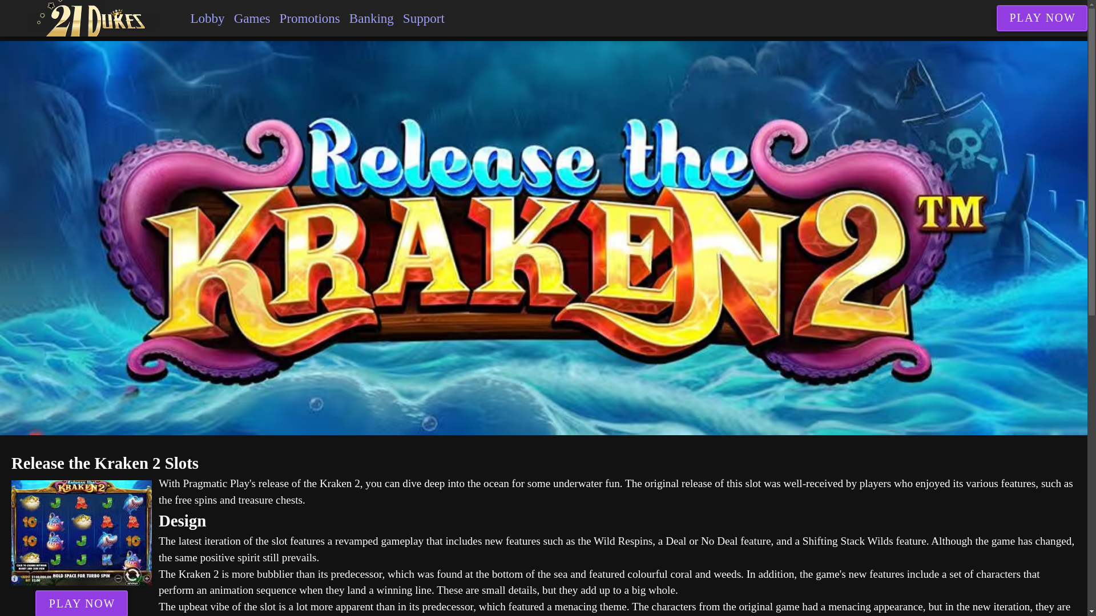  What do you see at coordinates (275, 18) in the screenshot?
I see `'Promotions'` at bounding box center [275, 18].